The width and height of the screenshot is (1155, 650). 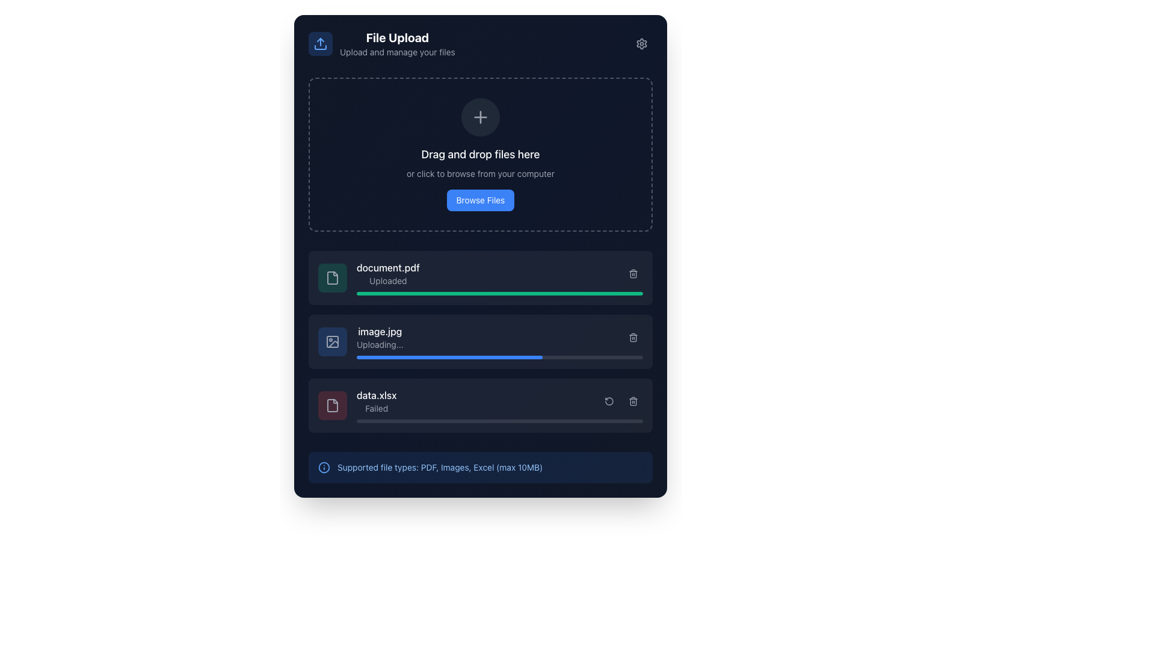 I want to click on the file icon that resembles a sheet of paper with a folded corner, located within a green-shaded background block directly to the left of the 'document.pdf' text, so click(x=332, y=278).